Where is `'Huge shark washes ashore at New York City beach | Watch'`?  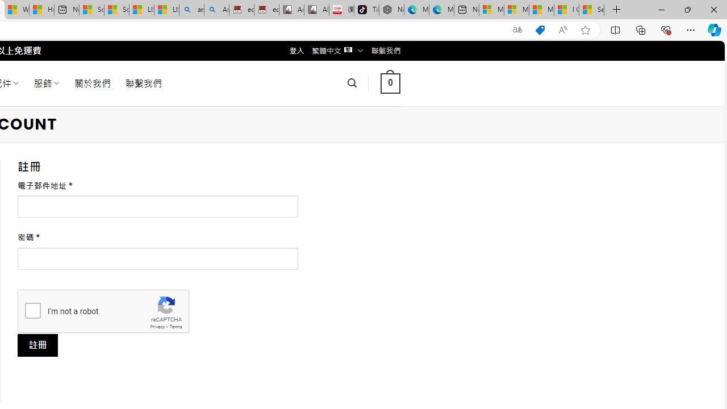
'Huge shark washes ashore at New York City beach | Watch' is located at coordinates (41, 10).